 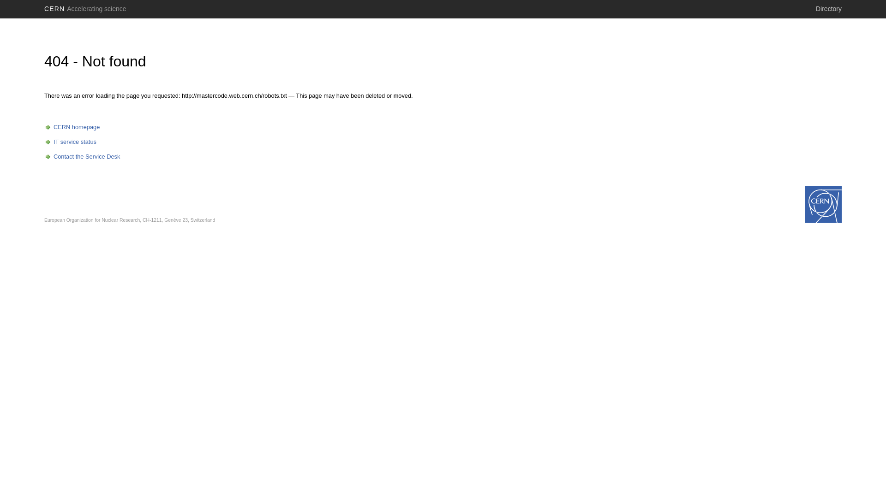 I want to click on 'CERN Accelerating science', so click(x=85, y=9).